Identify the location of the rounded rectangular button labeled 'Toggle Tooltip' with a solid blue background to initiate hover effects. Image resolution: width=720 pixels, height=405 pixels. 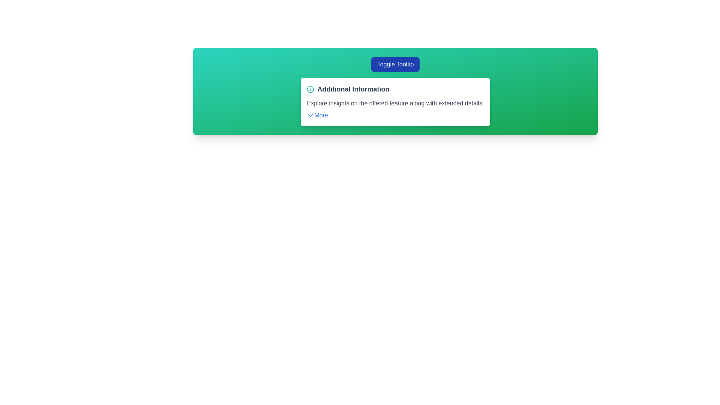
(395, 64).